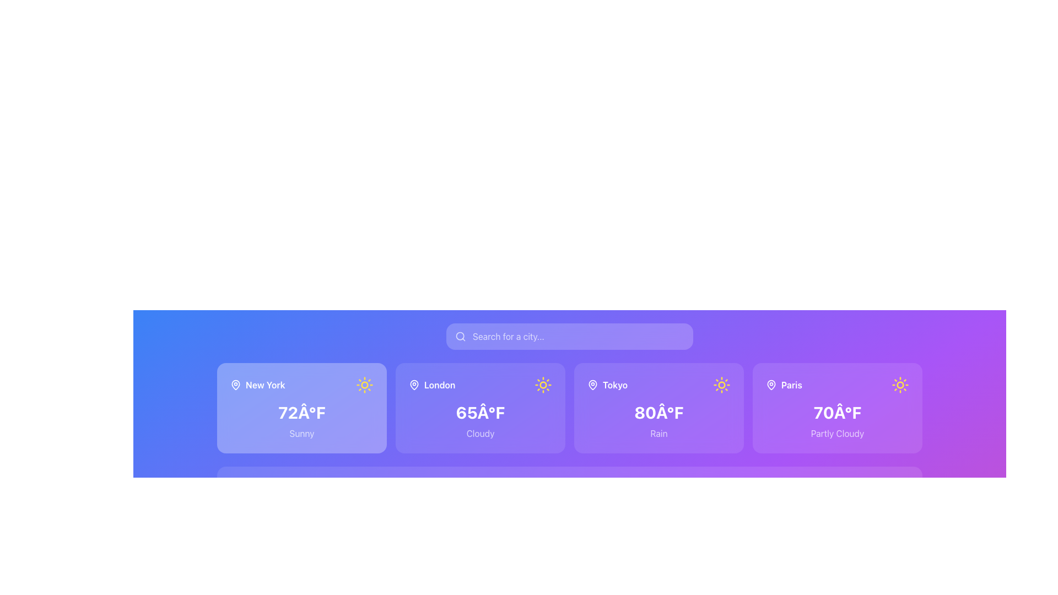  What do you see at coordinates (592, 384) in the screenshot?
I see `the icon representing Tokyo, which indicates the location for weather information within the city weather cards` at bounding box center [592, 384].